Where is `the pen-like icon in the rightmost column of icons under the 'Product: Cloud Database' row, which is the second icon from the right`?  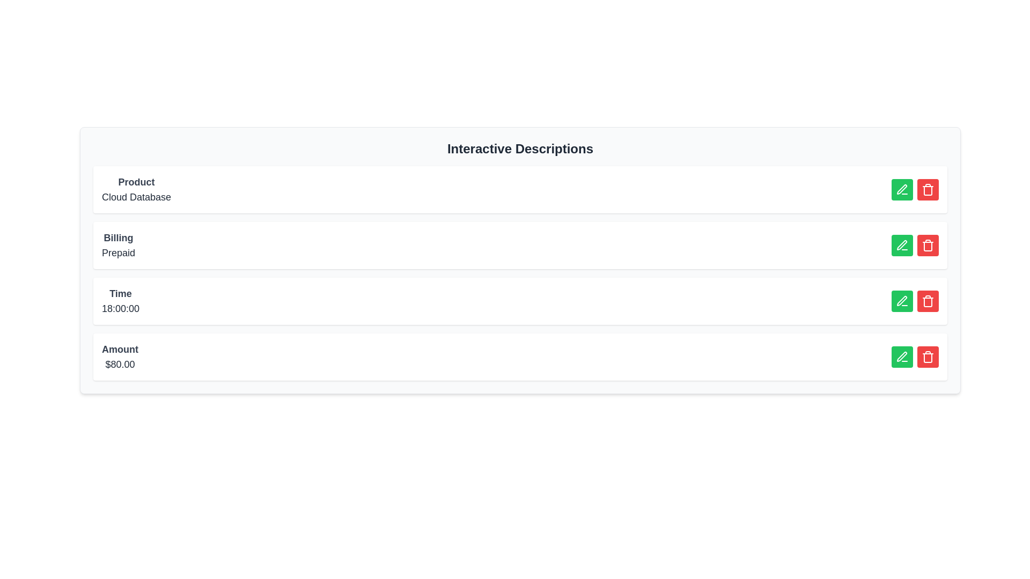 the pen-like icon in the rightmost column of icons under the 'Product: Cloud Database' row, which is the second icon from the right is located at coordinates (901, 189).